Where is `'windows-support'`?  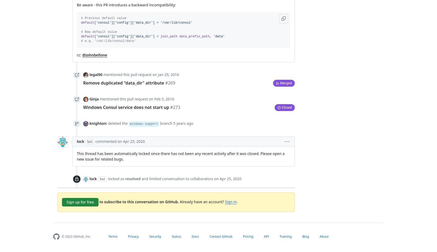 'windows-support' is located at coordinates (143, 124).